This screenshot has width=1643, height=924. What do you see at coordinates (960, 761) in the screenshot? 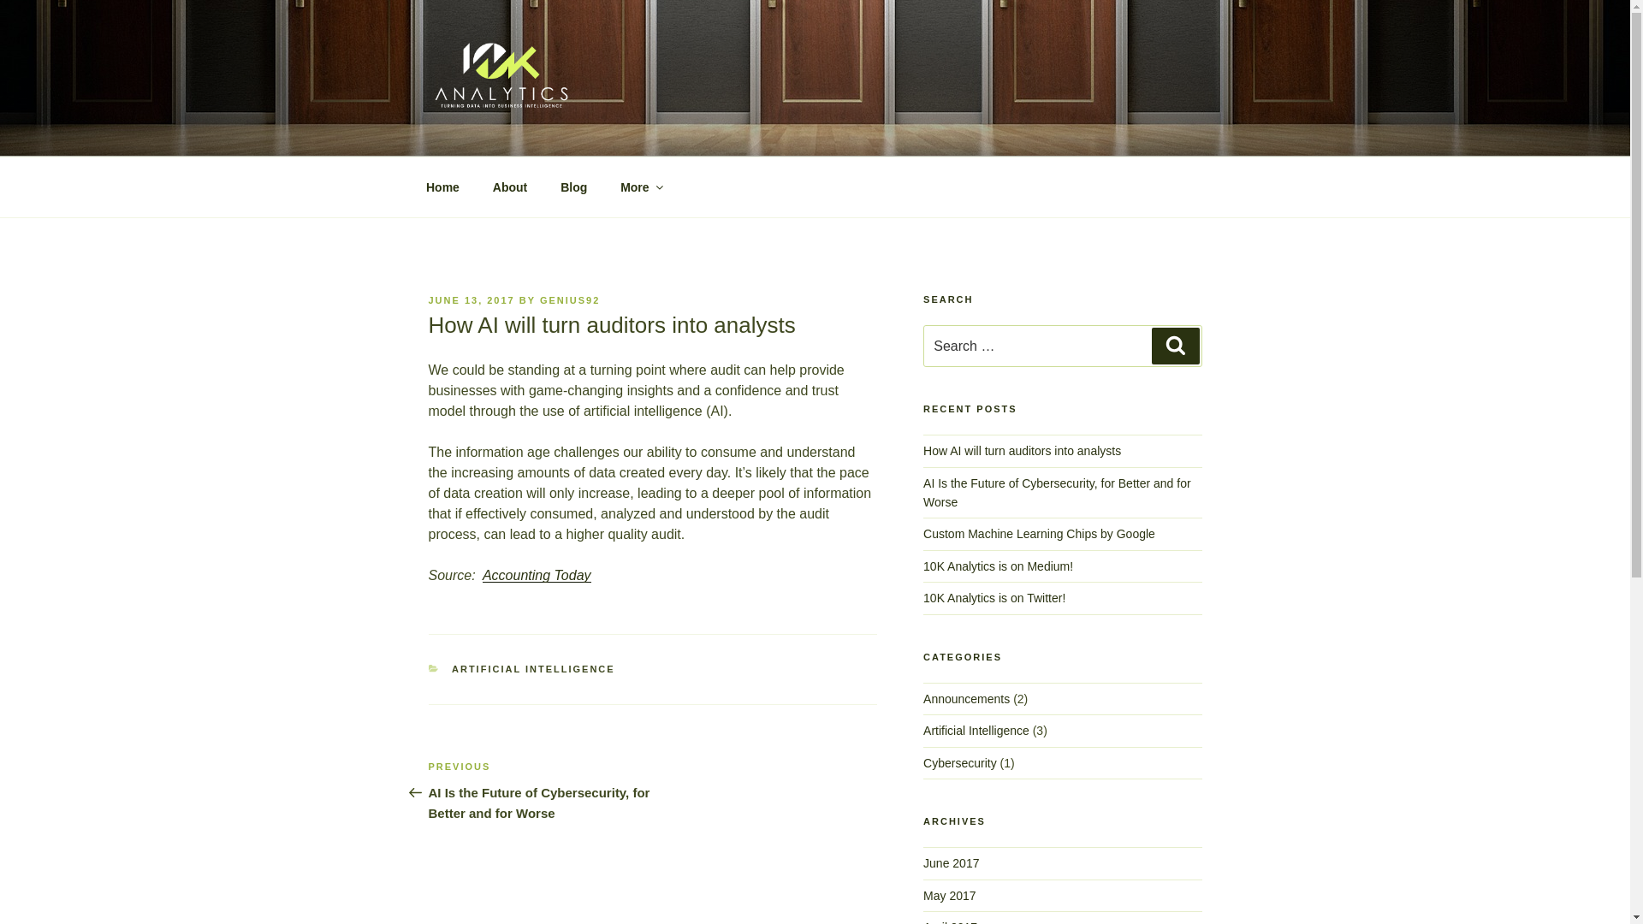
I see `'Cybersecurity'` at bounding box center [960, 761].